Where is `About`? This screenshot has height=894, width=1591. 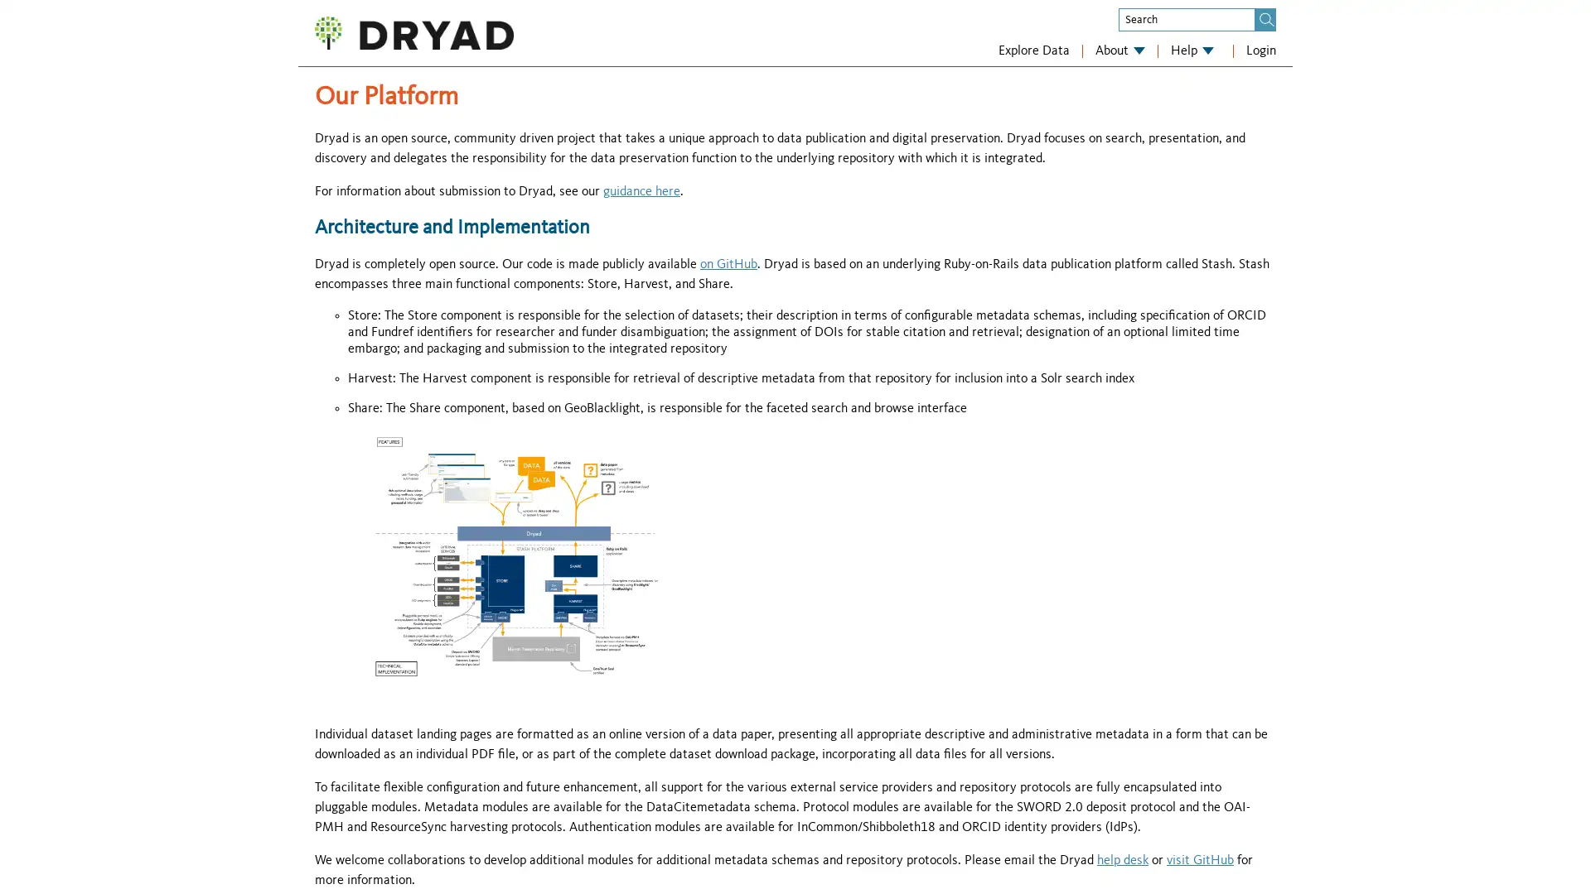
About is located at coordinates (1120, 50).